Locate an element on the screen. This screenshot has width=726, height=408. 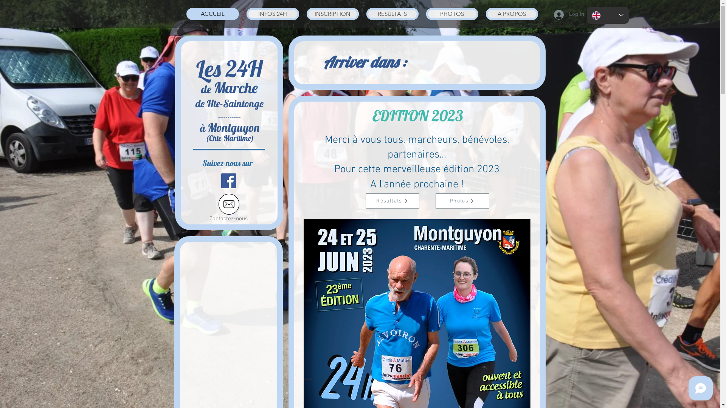
'Photos' is located at coordinates (436, 201).